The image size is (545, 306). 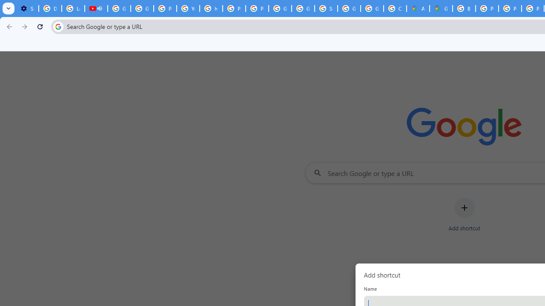 What do you see at coordinates (119, 8) in the screenshot?
I see `'Google Account Help'` at bounding box center [119, 8].